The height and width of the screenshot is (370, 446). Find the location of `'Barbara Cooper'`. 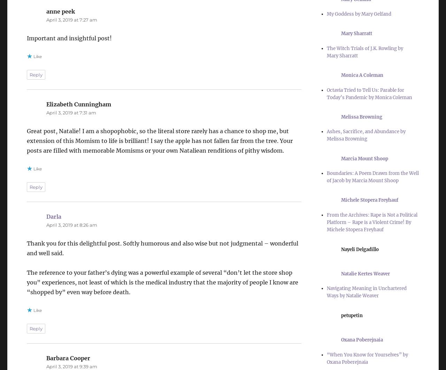

'Barbara Cooper' is located at coordinates (46, 357).